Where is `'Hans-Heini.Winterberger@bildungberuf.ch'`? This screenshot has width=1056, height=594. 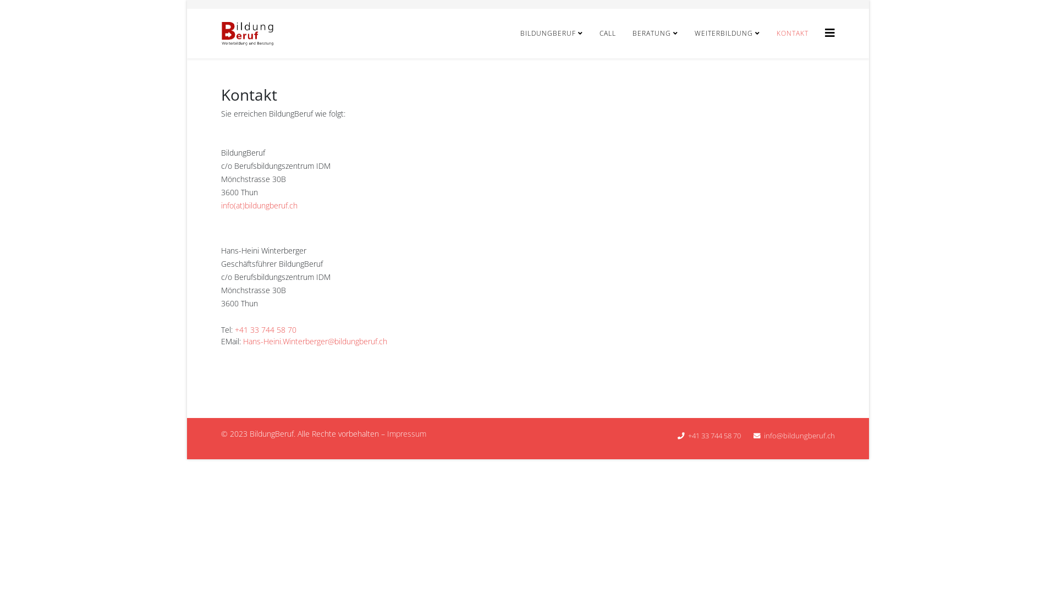 'Hans-Heini.Winterberger@bildungberuf.ch' is located at coordinates (242, 340).